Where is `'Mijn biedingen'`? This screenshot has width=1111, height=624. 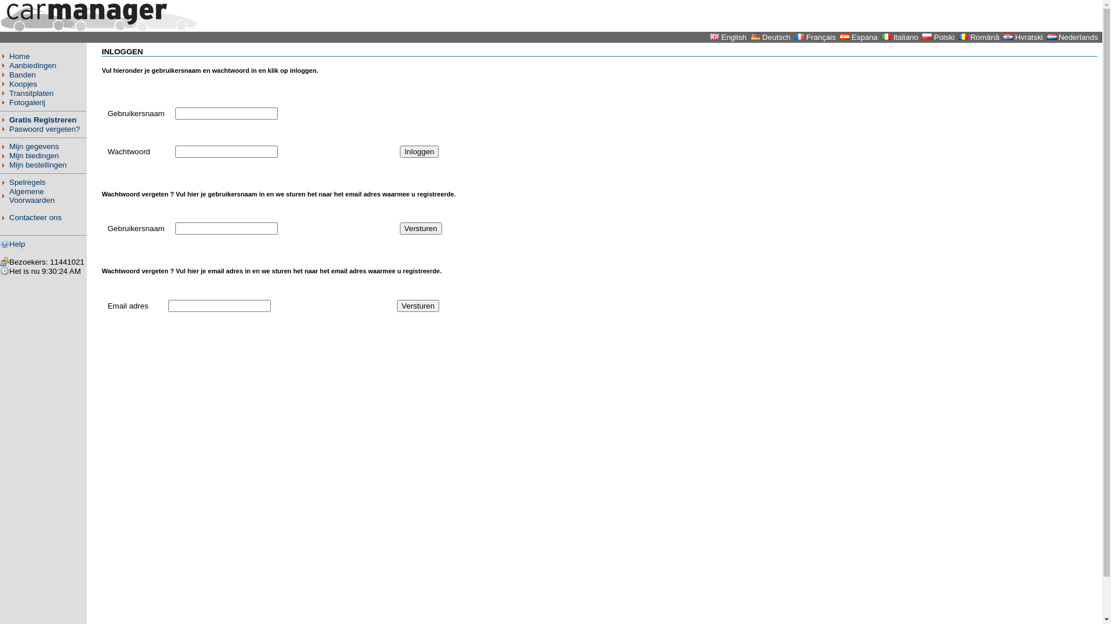
'Mijn biedingen' is located at coordinates (9, 155).